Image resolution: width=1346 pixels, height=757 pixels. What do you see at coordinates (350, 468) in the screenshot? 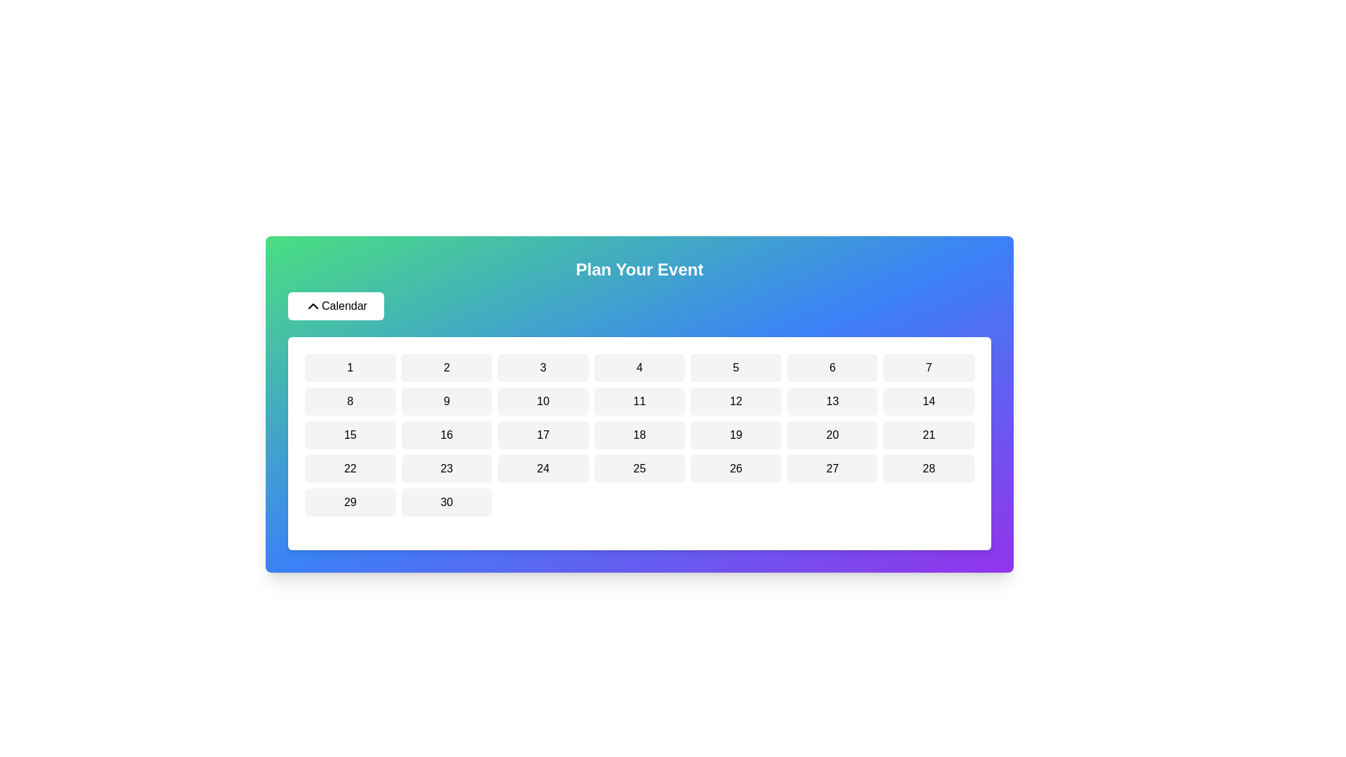
I see `the button labeled '22', which is a rectangular button with rounded corners and a light gray background` at bounding box center [350, 468].